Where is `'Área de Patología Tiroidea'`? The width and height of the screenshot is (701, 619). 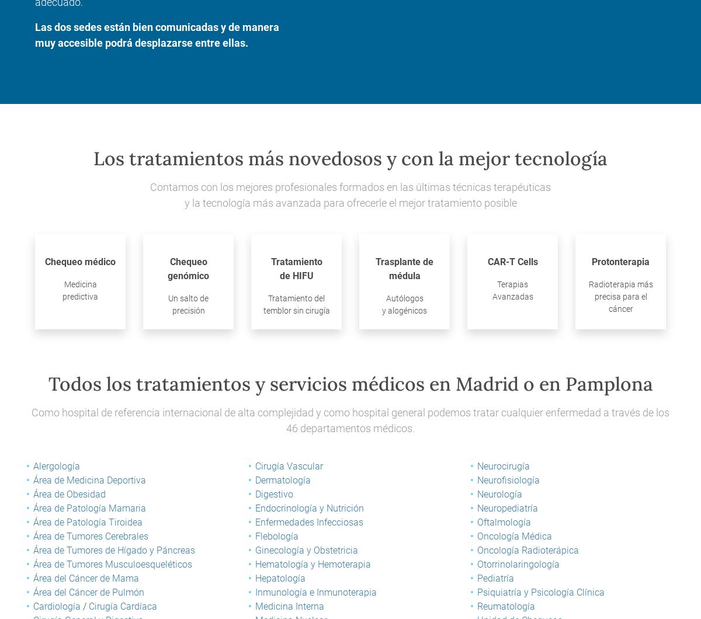
'Área de Patología Tiroidea' is located at coordinates (88, 522).